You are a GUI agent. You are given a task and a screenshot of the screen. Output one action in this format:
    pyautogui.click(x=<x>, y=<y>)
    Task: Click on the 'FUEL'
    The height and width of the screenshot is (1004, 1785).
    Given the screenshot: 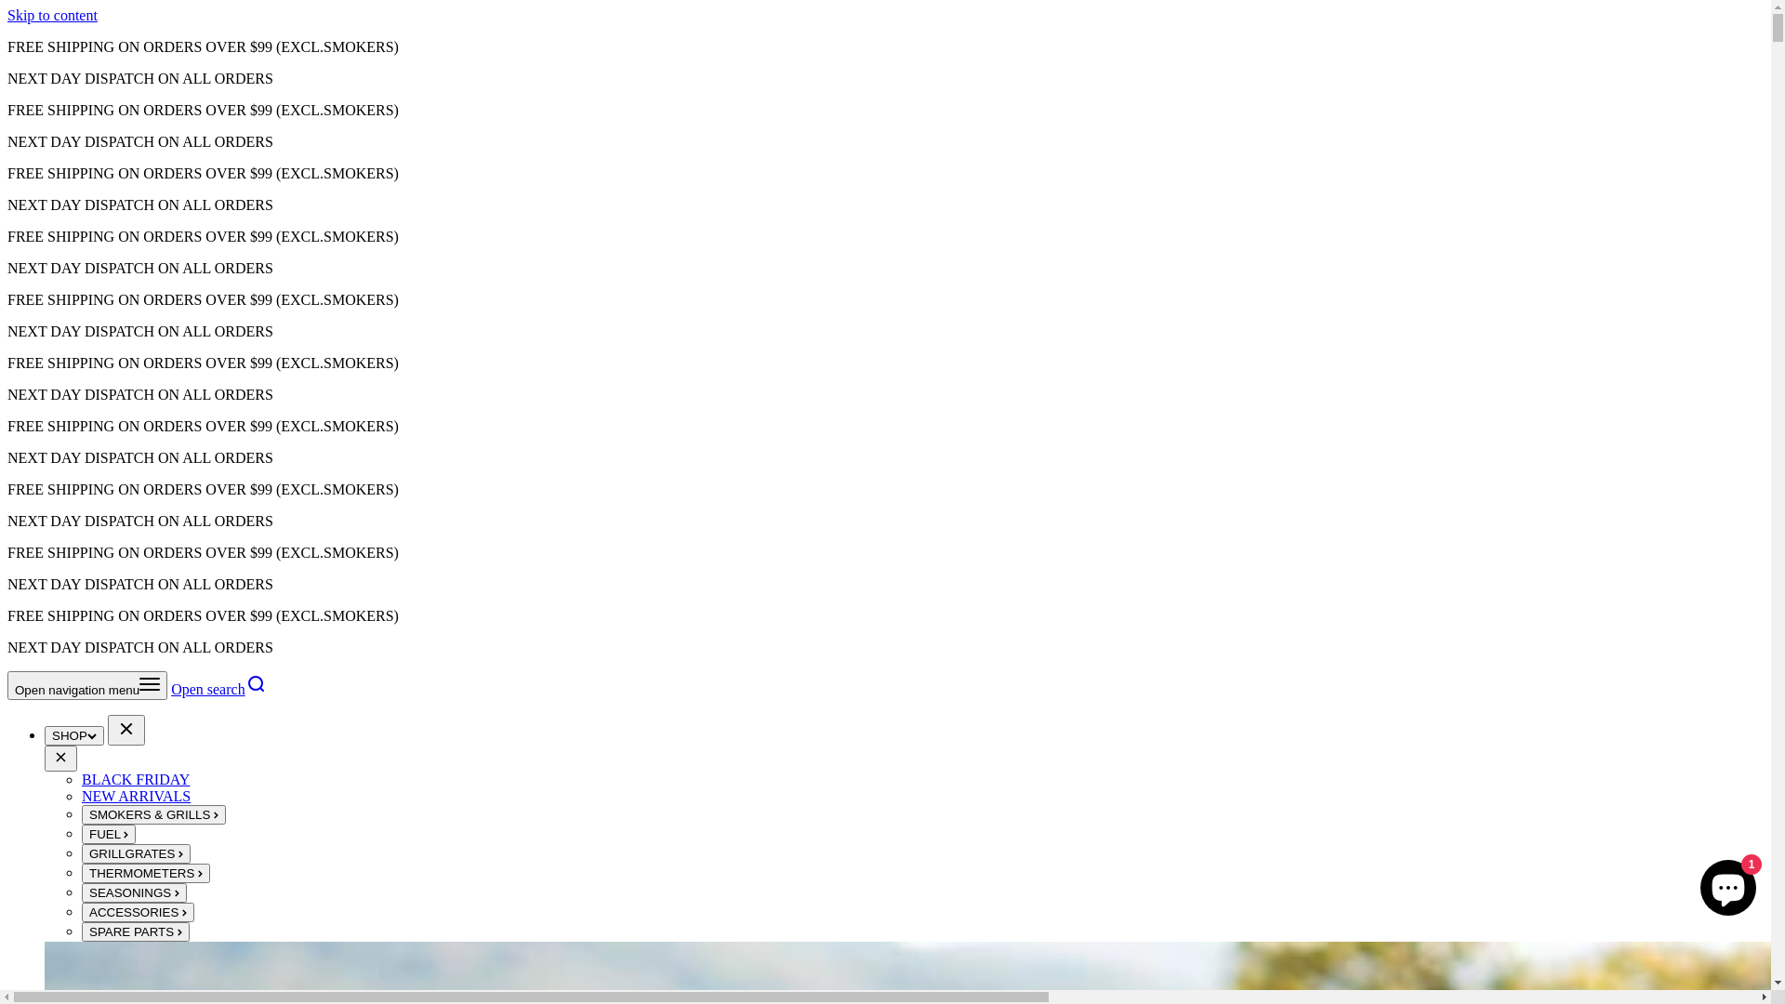 What is the action you would take?
    pyautogui.click(x=107, y=833)
    